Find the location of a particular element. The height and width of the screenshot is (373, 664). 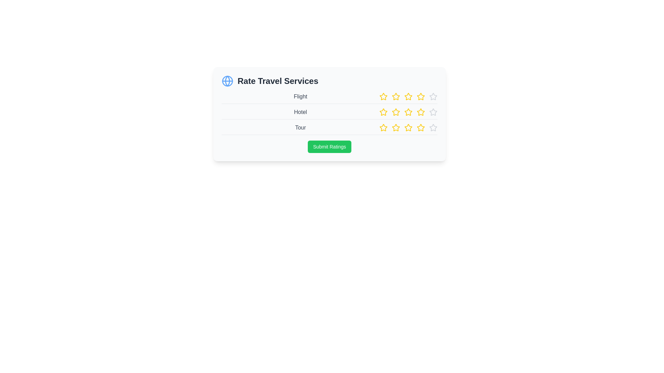

the stars in the rating panel located centrally below the title 'Rate Travel Services' to rate the categories of 'Flight,' 'Hotel,' and 'Tour.' is located at coordinates (329, 114).